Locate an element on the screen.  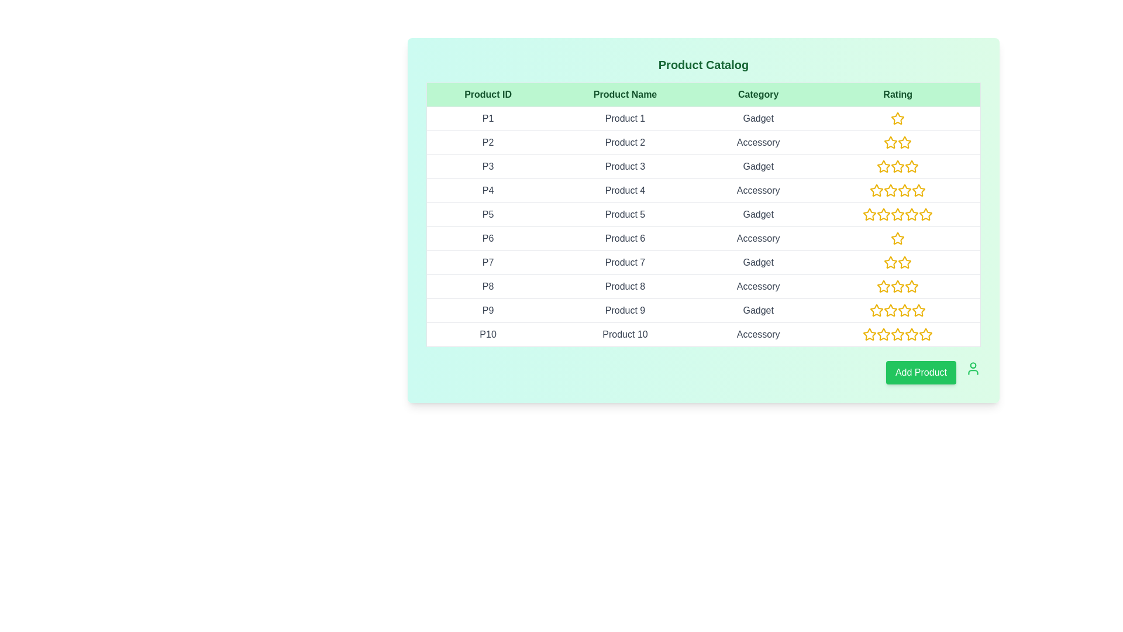
the table header Rating to sort the table by that column is located at coordinates (897, 94).